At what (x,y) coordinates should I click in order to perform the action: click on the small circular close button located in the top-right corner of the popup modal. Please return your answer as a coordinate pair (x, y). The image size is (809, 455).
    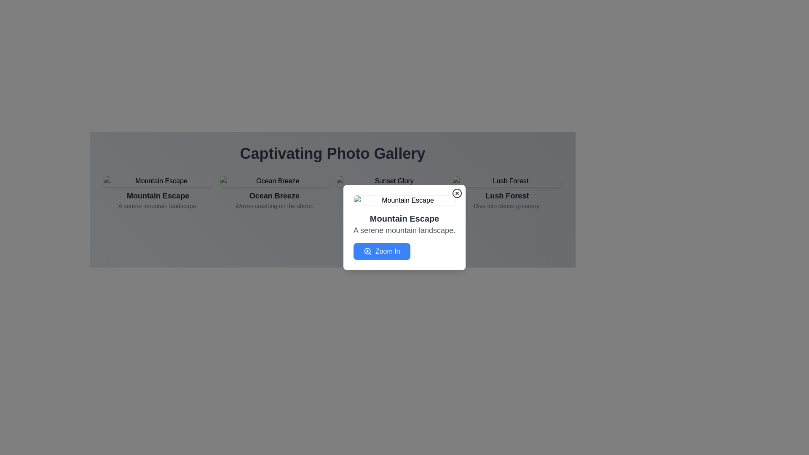
    Looking at the image, I should click on (456, 193).